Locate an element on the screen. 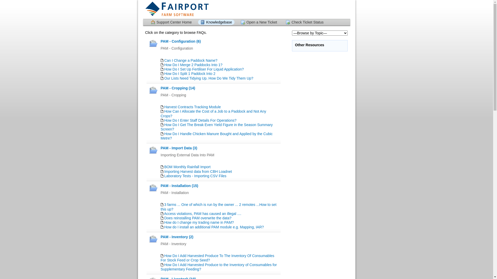  'BOM Monthly Rainfall Import' is located at coordinates (164, 167).